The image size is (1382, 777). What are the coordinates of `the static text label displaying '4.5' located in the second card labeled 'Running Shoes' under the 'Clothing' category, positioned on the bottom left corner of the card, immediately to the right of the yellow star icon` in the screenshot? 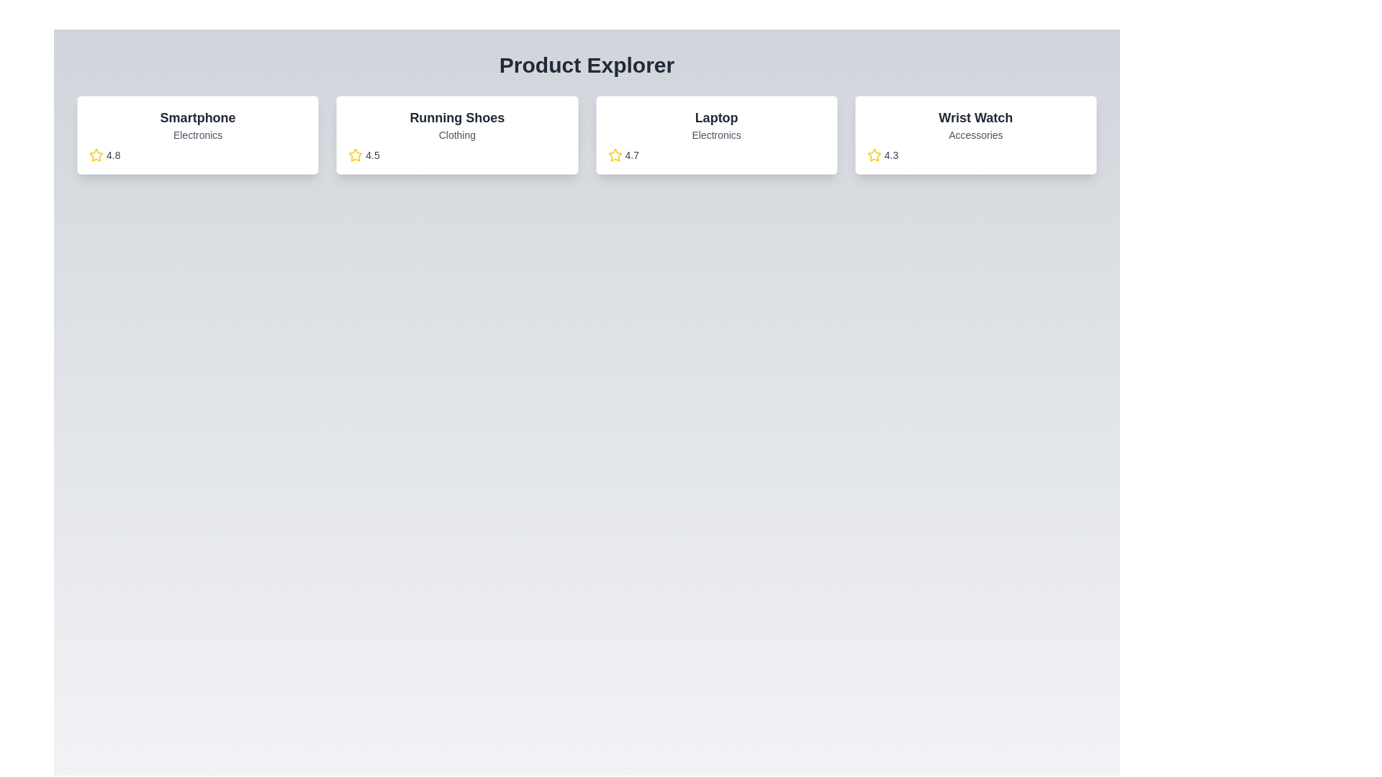 It's located at (373, 155).